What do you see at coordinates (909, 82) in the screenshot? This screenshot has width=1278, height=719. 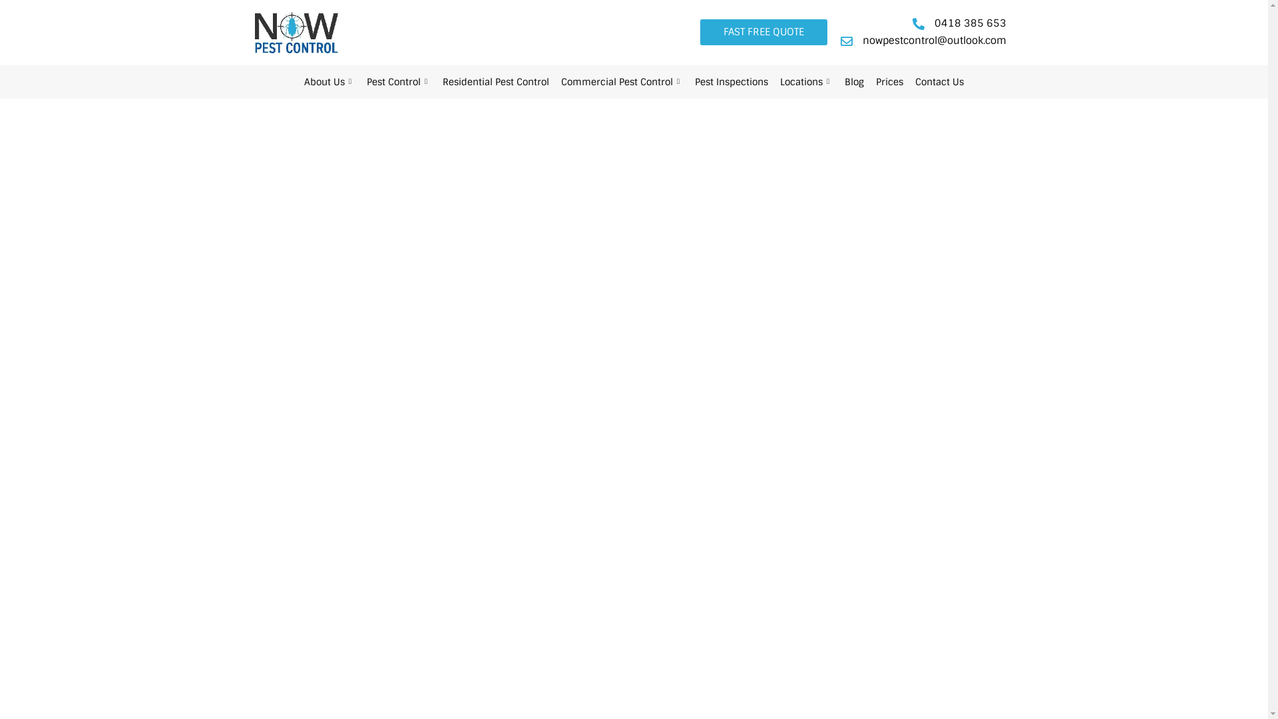 I see `'Contact Us'` at bounding box center [909, 82].